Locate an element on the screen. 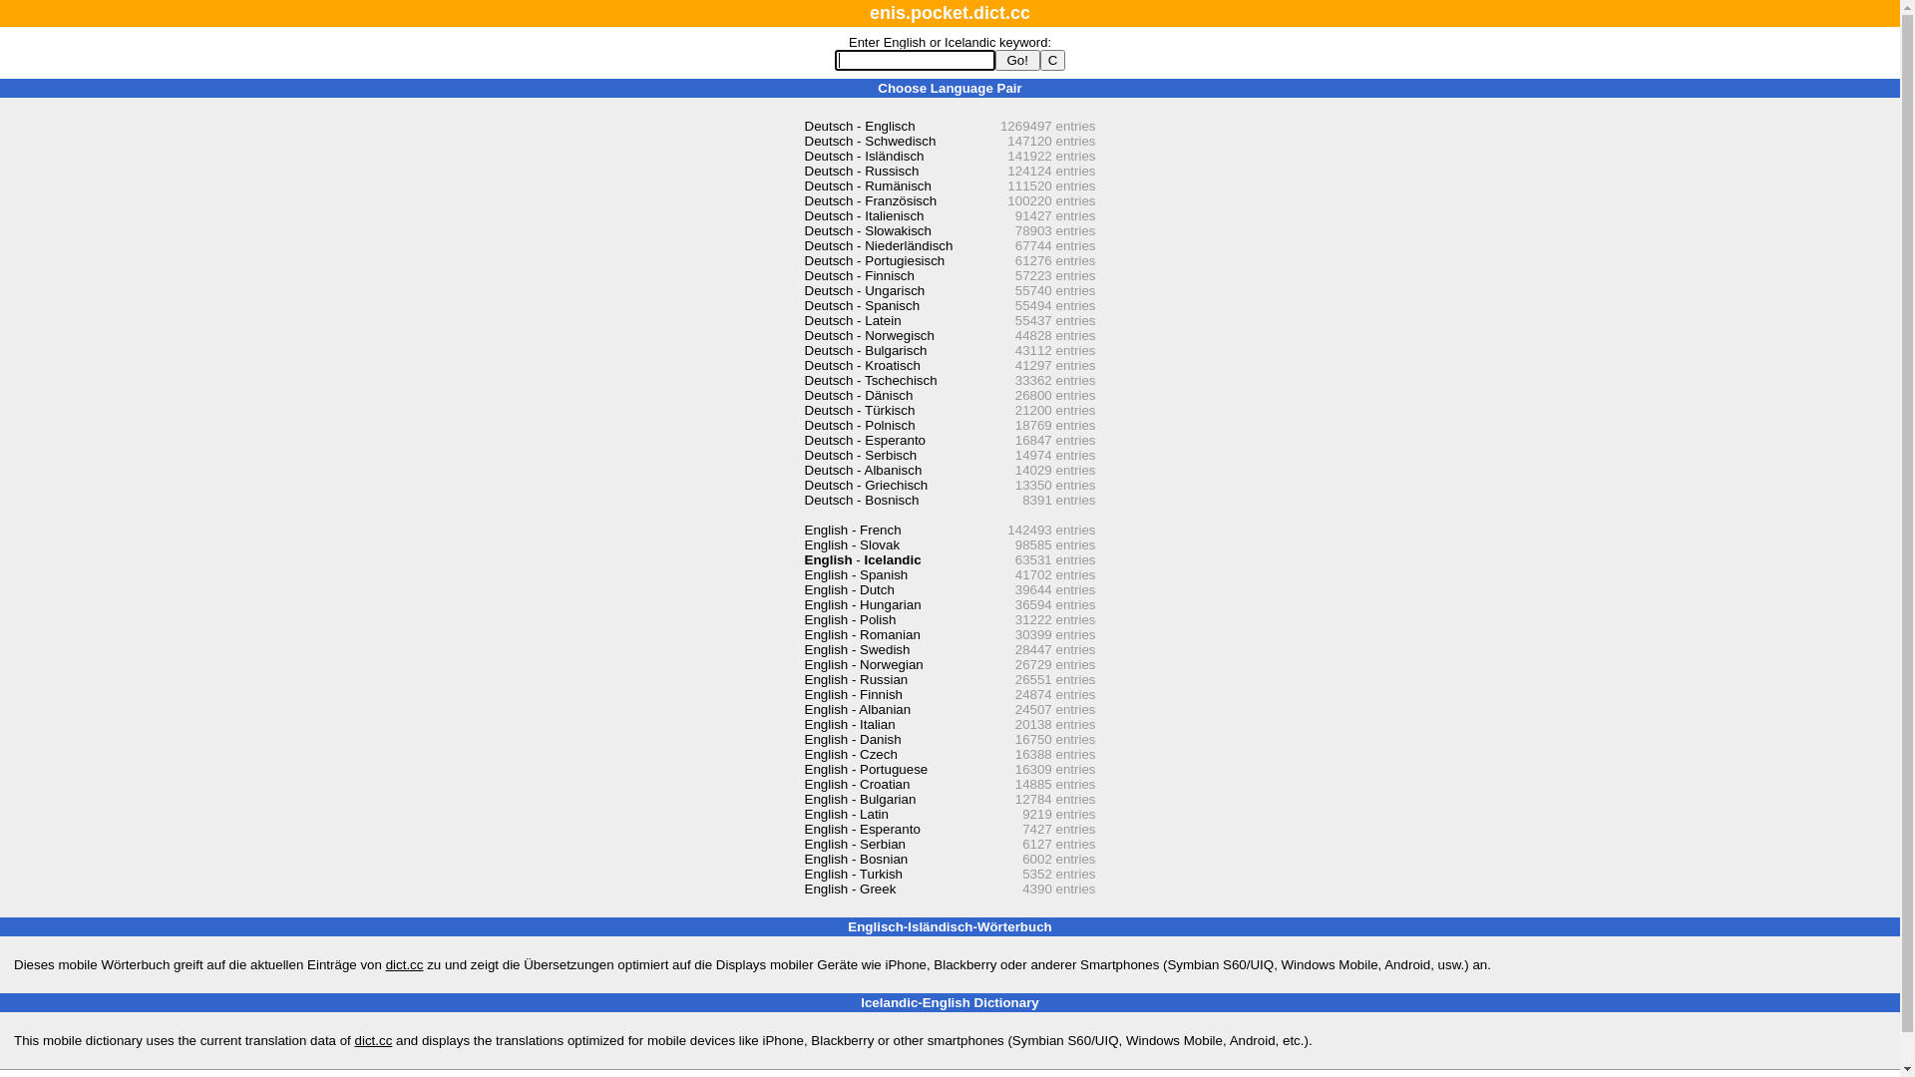 The width and height of the screenshot is (1915, 1077). 'English - Czech' is located at coordinates (850, 754).